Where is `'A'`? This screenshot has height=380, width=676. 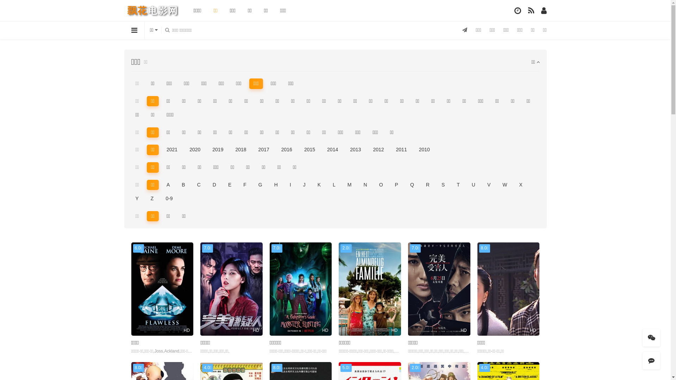
'A' is located at coordinates (168, 184).